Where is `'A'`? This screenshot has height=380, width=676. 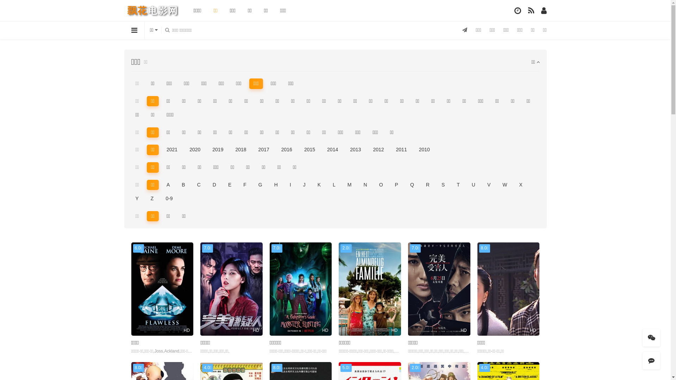
'A' is located at coordinates (168, 184).